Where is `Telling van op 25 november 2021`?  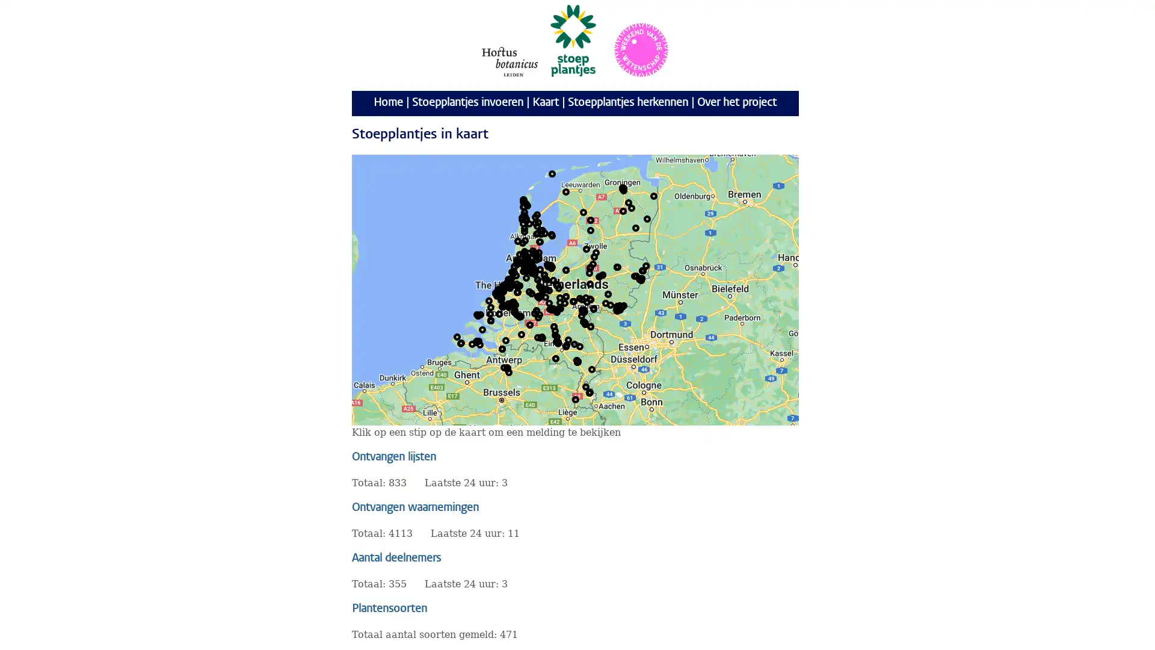
Telling van op 25 november 2021 is located at coordinates (544, 232).